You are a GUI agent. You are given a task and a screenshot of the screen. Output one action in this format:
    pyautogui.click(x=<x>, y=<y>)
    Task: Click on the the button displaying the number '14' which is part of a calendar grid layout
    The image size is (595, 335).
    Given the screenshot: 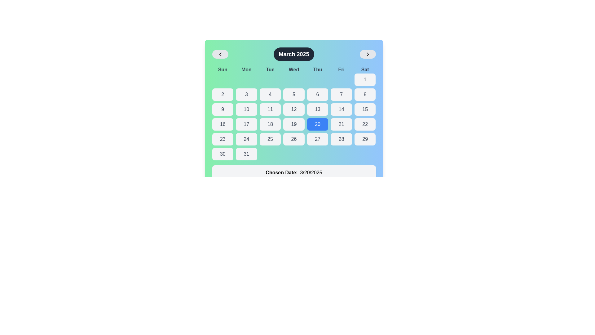 What is the action you would take?
    pyautogui.click(x=341, y=109)
    